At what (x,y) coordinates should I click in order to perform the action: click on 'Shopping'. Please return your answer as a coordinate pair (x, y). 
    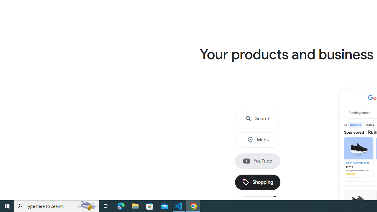
    Looking at the image, I should click on (257, 182).